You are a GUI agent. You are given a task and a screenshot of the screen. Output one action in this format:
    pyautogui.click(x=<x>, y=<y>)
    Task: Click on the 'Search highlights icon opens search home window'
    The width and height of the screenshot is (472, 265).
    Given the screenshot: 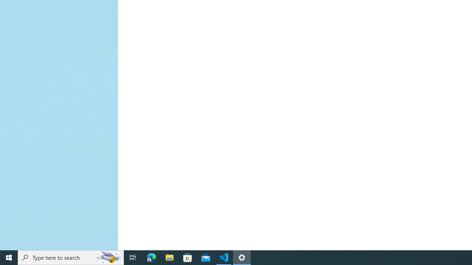 What is the action you would take?
    pyautogui.click(x=108, y=257)
    